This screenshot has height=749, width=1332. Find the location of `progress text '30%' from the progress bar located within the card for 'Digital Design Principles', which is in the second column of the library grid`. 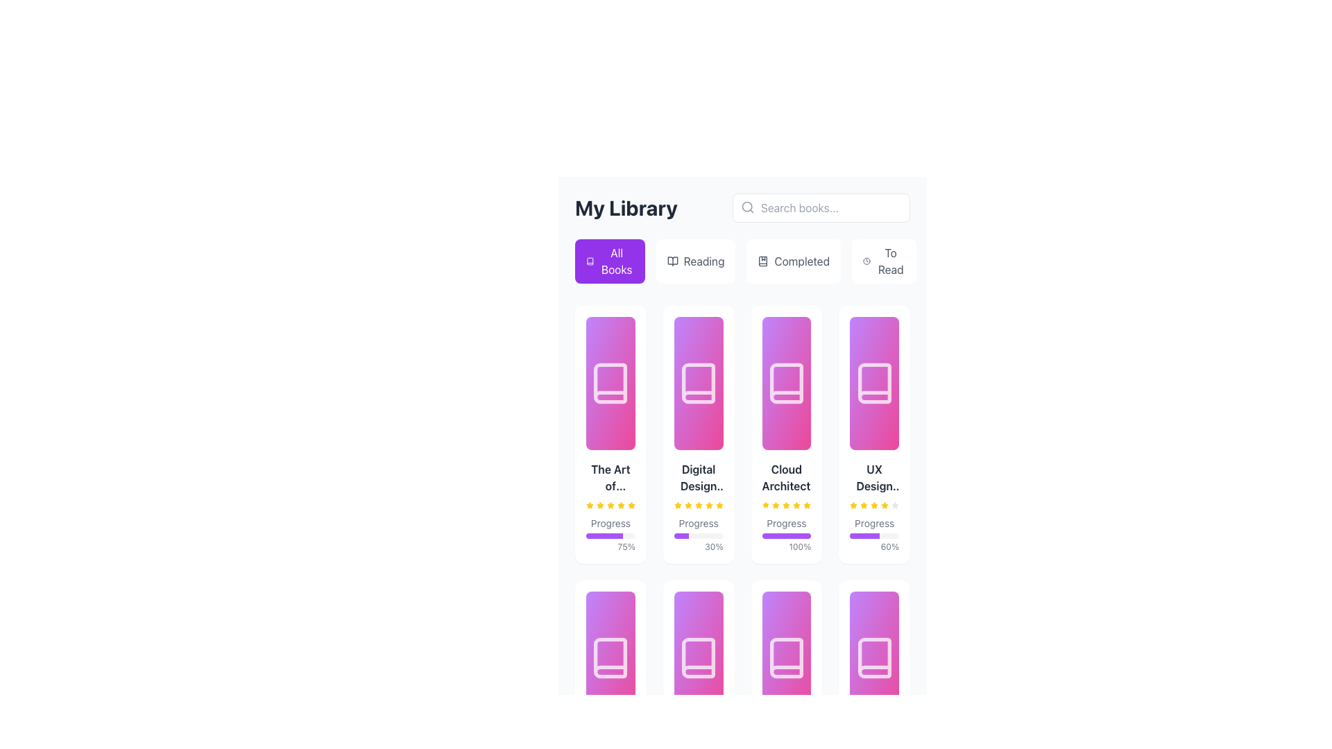

progress text '30%' from the progress bar located within the card for 'Digital Design Principles', which is in the second column of the library grid is located at coordinates (699, 534).